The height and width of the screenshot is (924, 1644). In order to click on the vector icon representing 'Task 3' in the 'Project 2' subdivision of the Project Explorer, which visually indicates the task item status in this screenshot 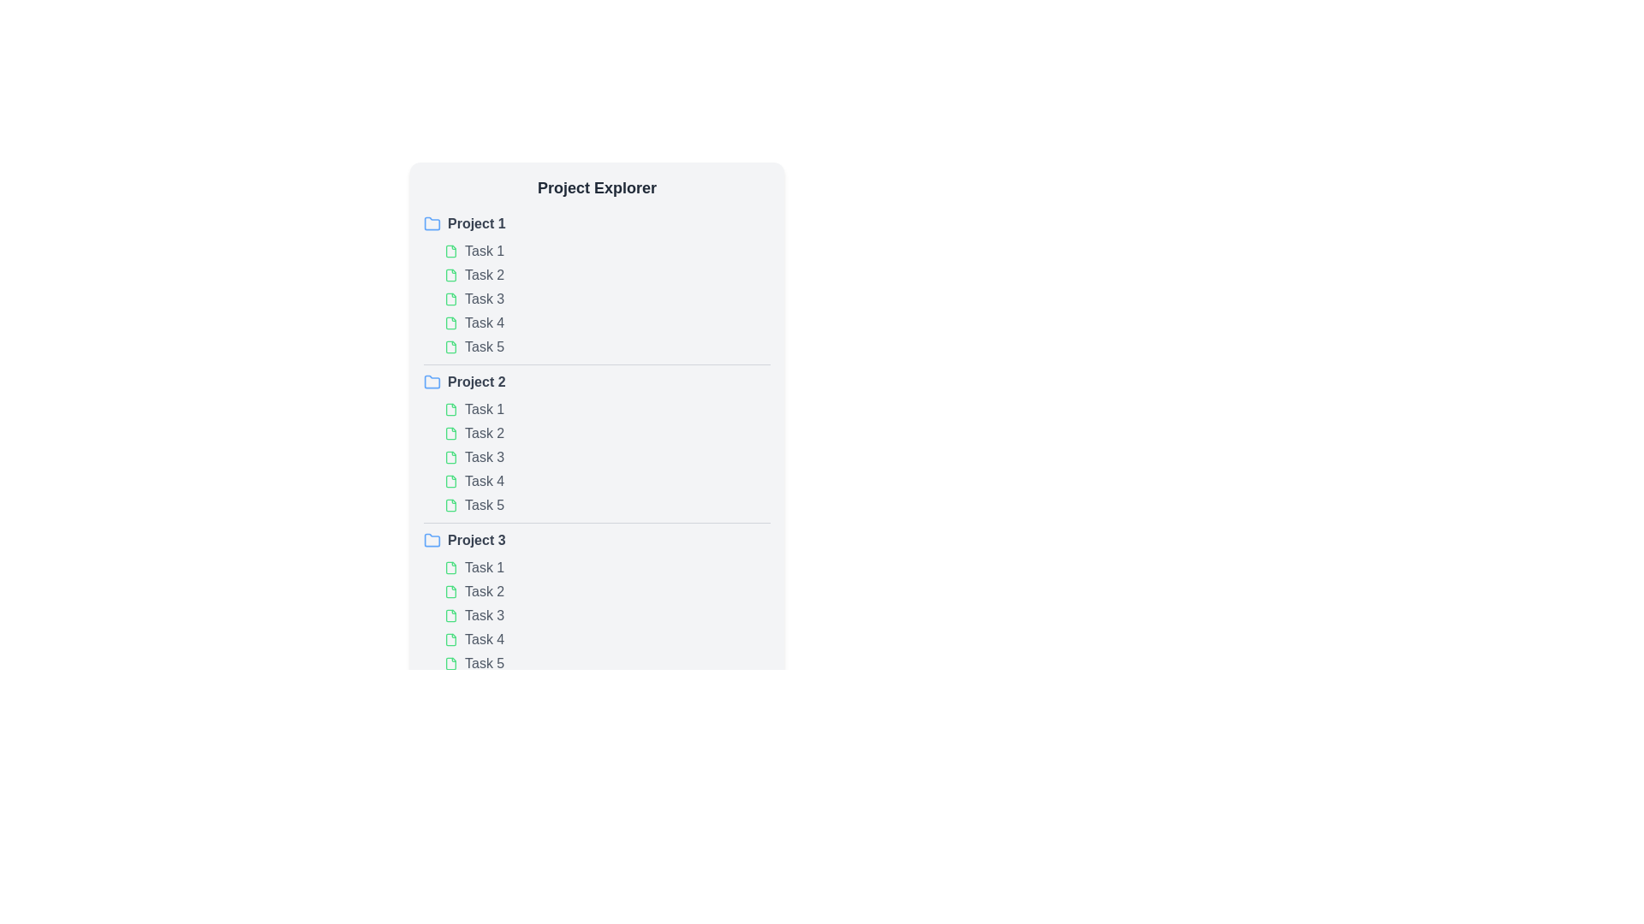, I will do `click(451, 457)`.